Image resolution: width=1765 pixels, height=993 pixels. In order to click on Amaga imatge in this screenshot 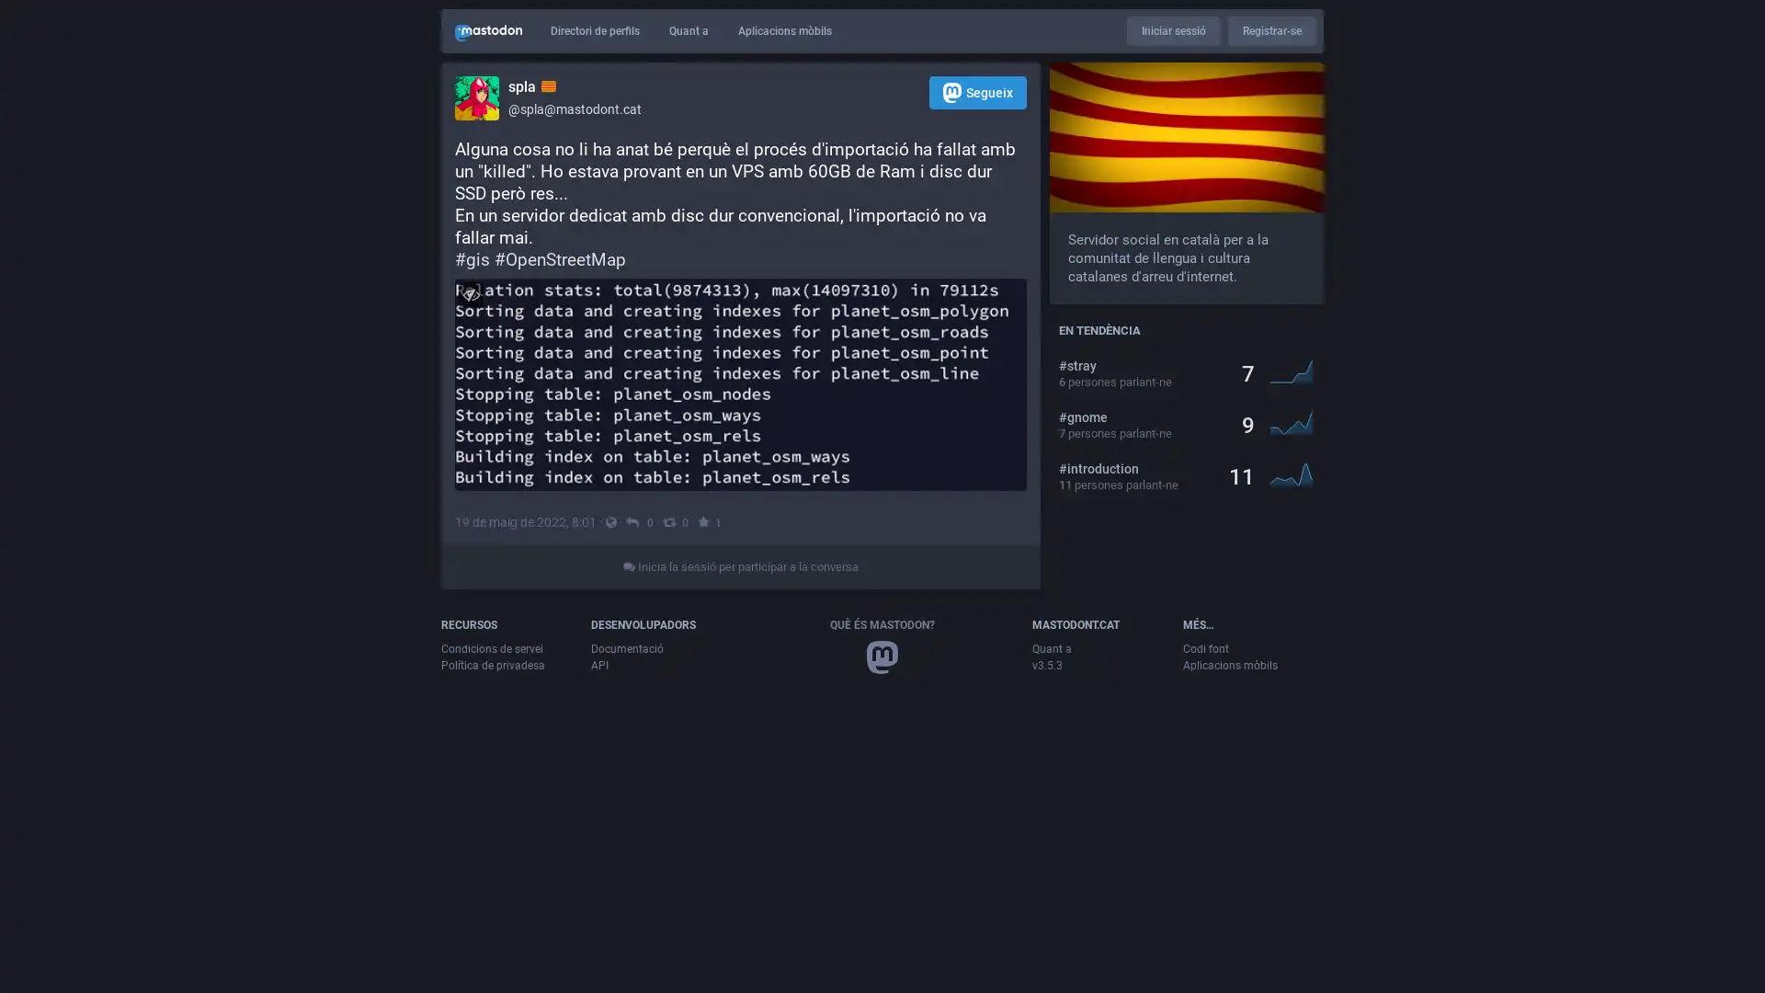, I will do `click(471, 293)`.